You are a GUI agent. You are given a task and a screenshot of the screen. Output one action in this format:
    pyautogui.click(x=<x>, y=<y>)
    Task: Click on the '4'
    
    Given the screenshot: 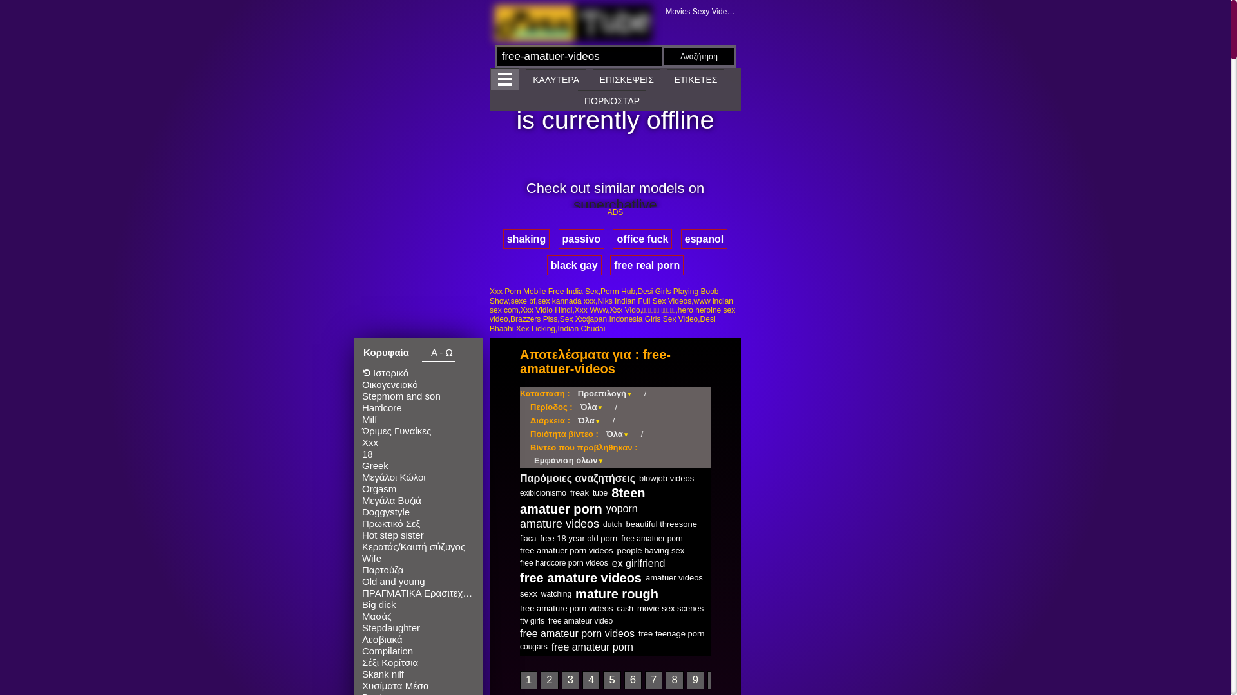 What is the action you would take?
    pyautogui.click(x=590, y=679)
    